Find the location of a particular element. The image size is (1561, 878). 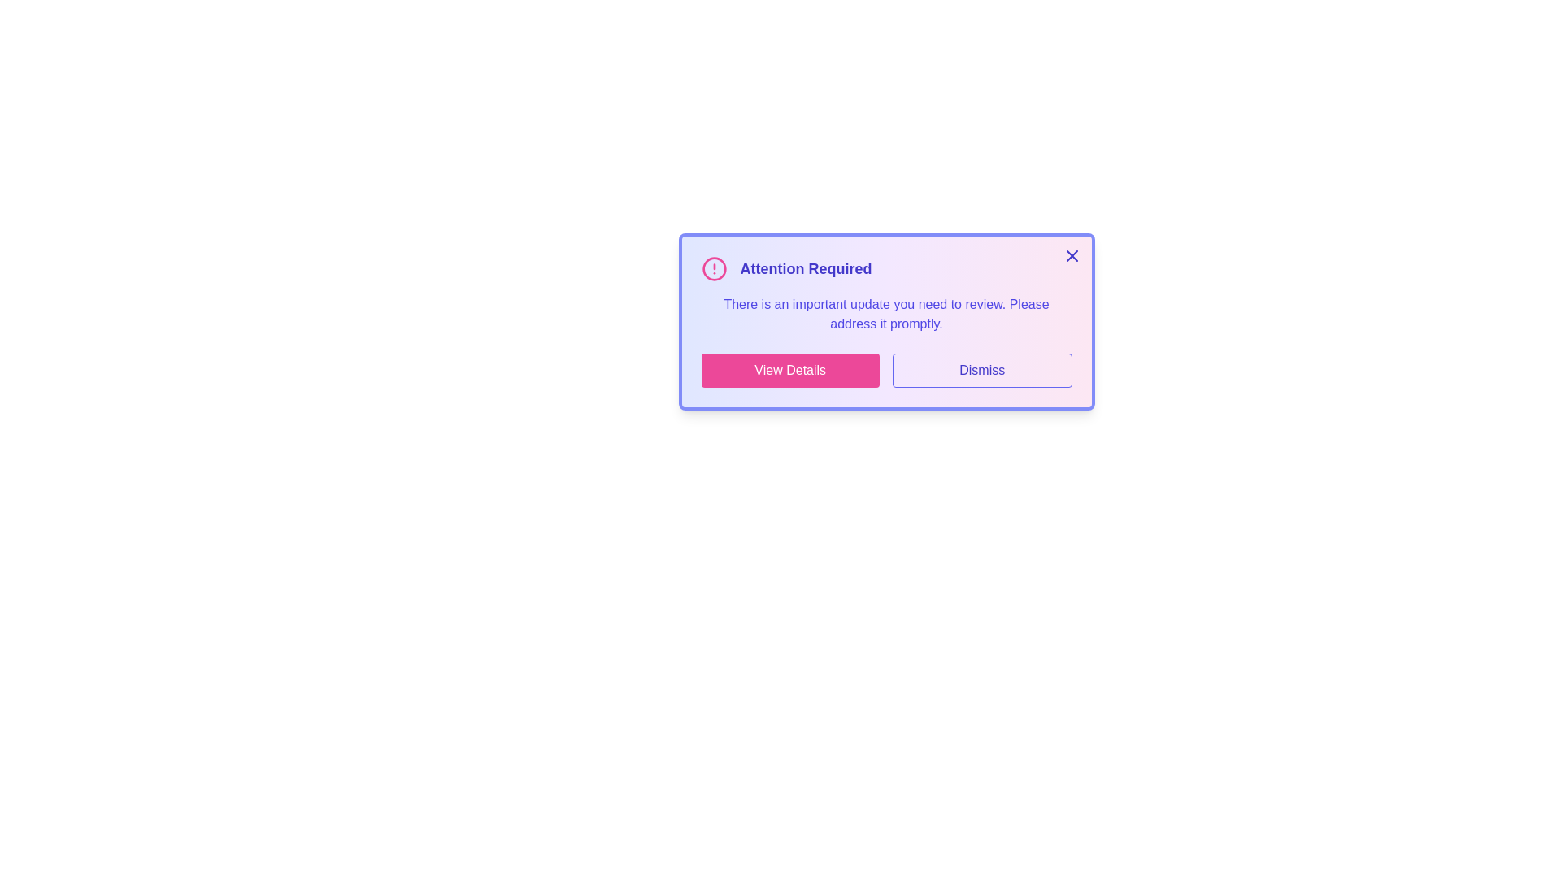

the close button located at the top-right corner of the alert is located at coordinates (1072, 256).